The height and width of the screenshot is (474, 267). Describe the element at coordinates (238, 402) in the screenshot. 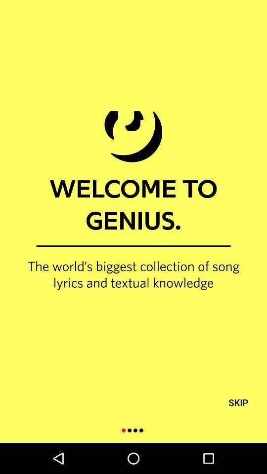

I see `icon below the world s` at that location.